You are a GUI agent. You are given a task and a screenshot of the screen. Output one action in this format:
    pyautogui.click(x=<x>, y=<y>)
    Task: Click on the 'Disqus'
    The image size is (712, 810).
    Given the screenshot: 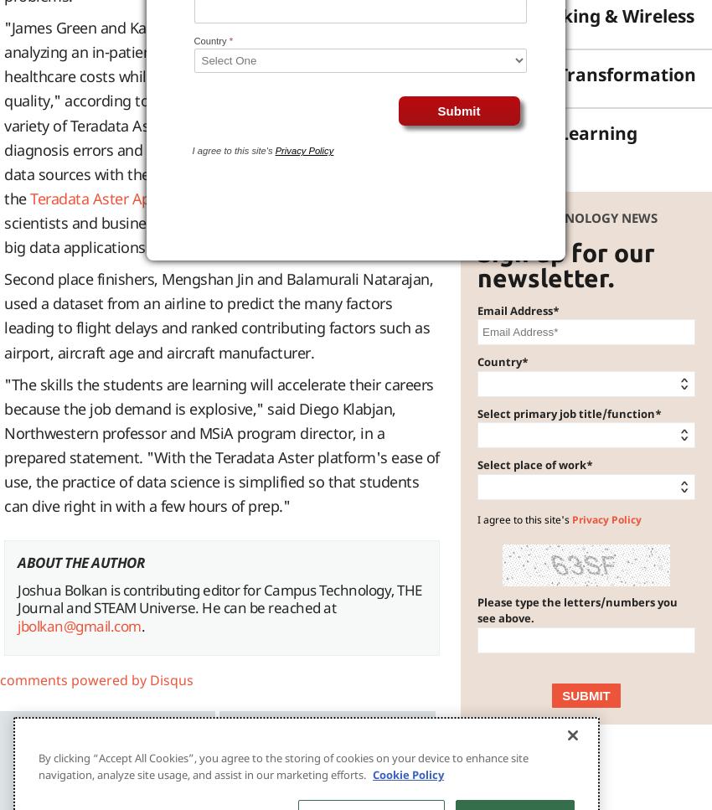 What is the action you would take?
    pyautogui.click(x=171, y=678)
    